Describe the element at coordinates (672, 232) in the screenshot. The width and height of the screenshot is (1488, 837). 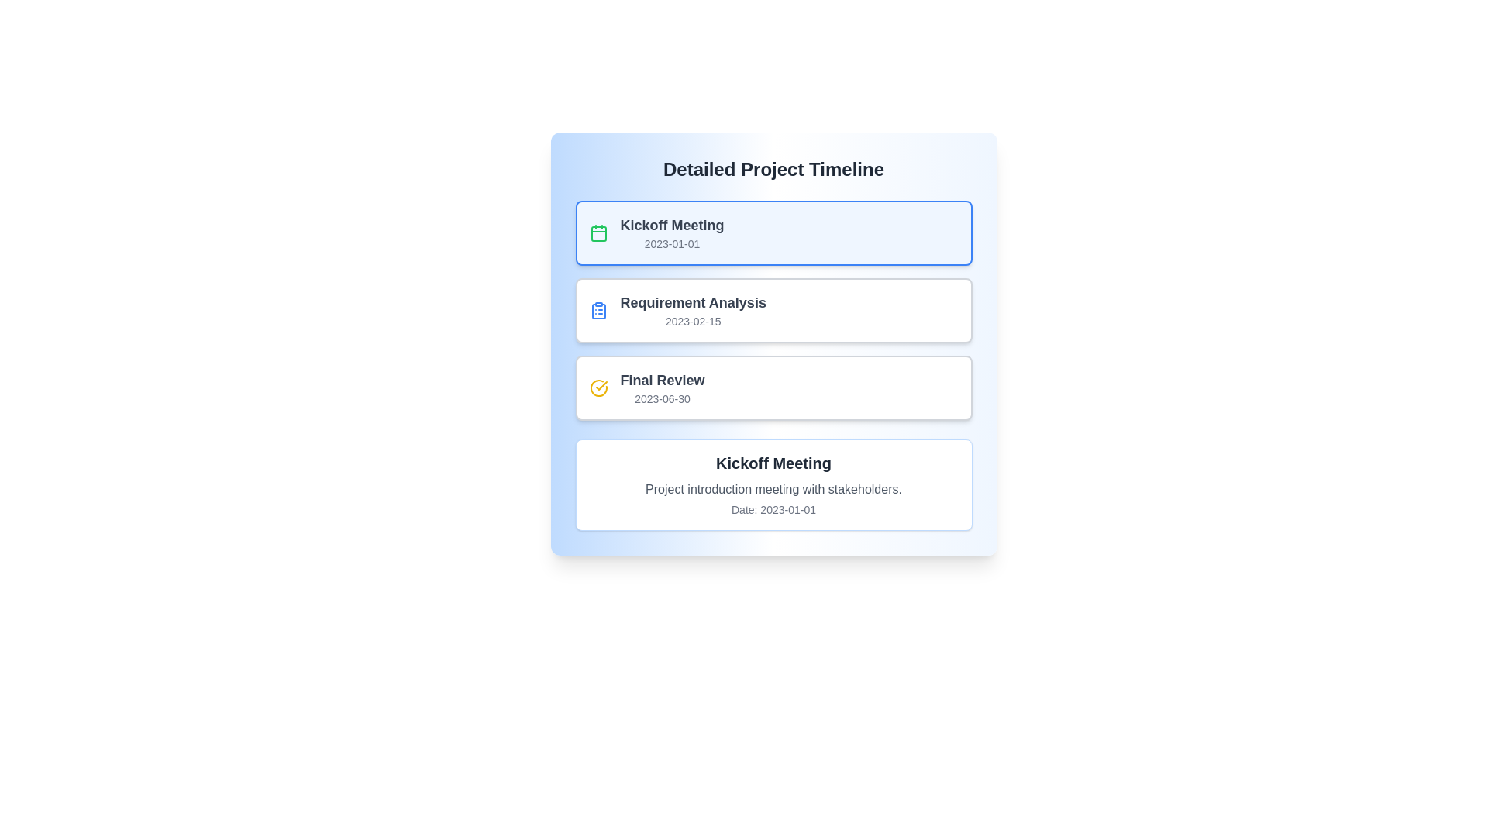
I see `text displayed in the 'Kickoff Meeting' title and '2023-01-01' subtitle located in the topmost card of a vertical list of similar cards` at that location.